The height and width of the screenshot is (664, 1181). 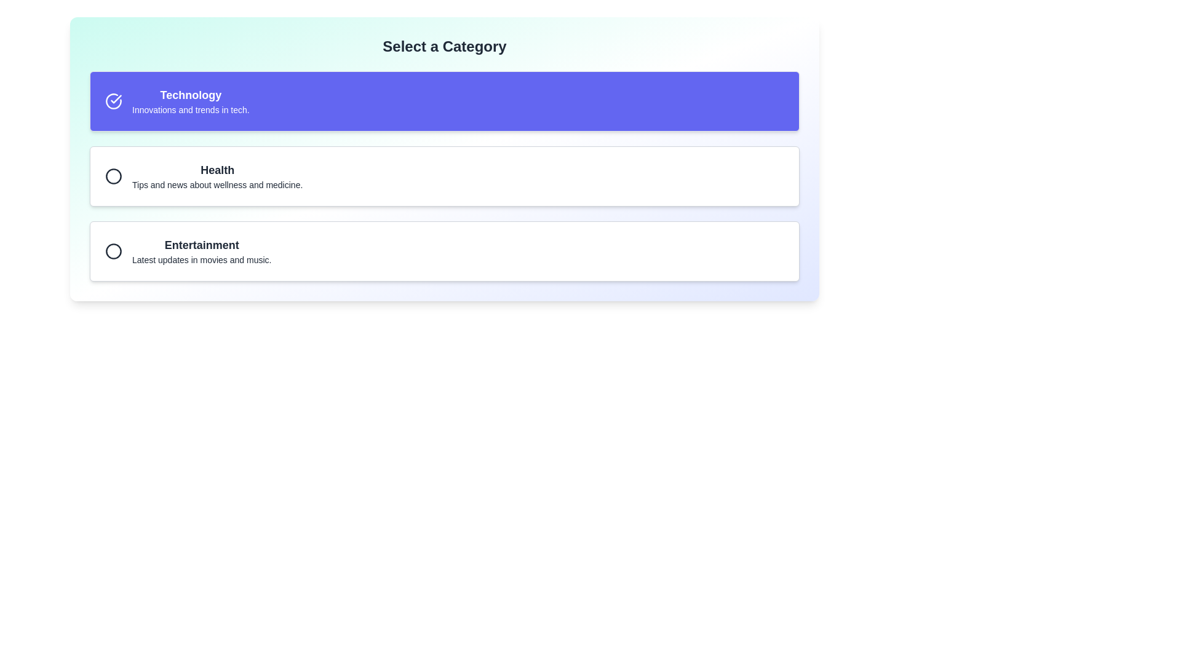 I want to click on the circular checkmark indicator icon located at the leftmost part of the 'Entertainment' card, centered vertically, so click(x=114, y=250).